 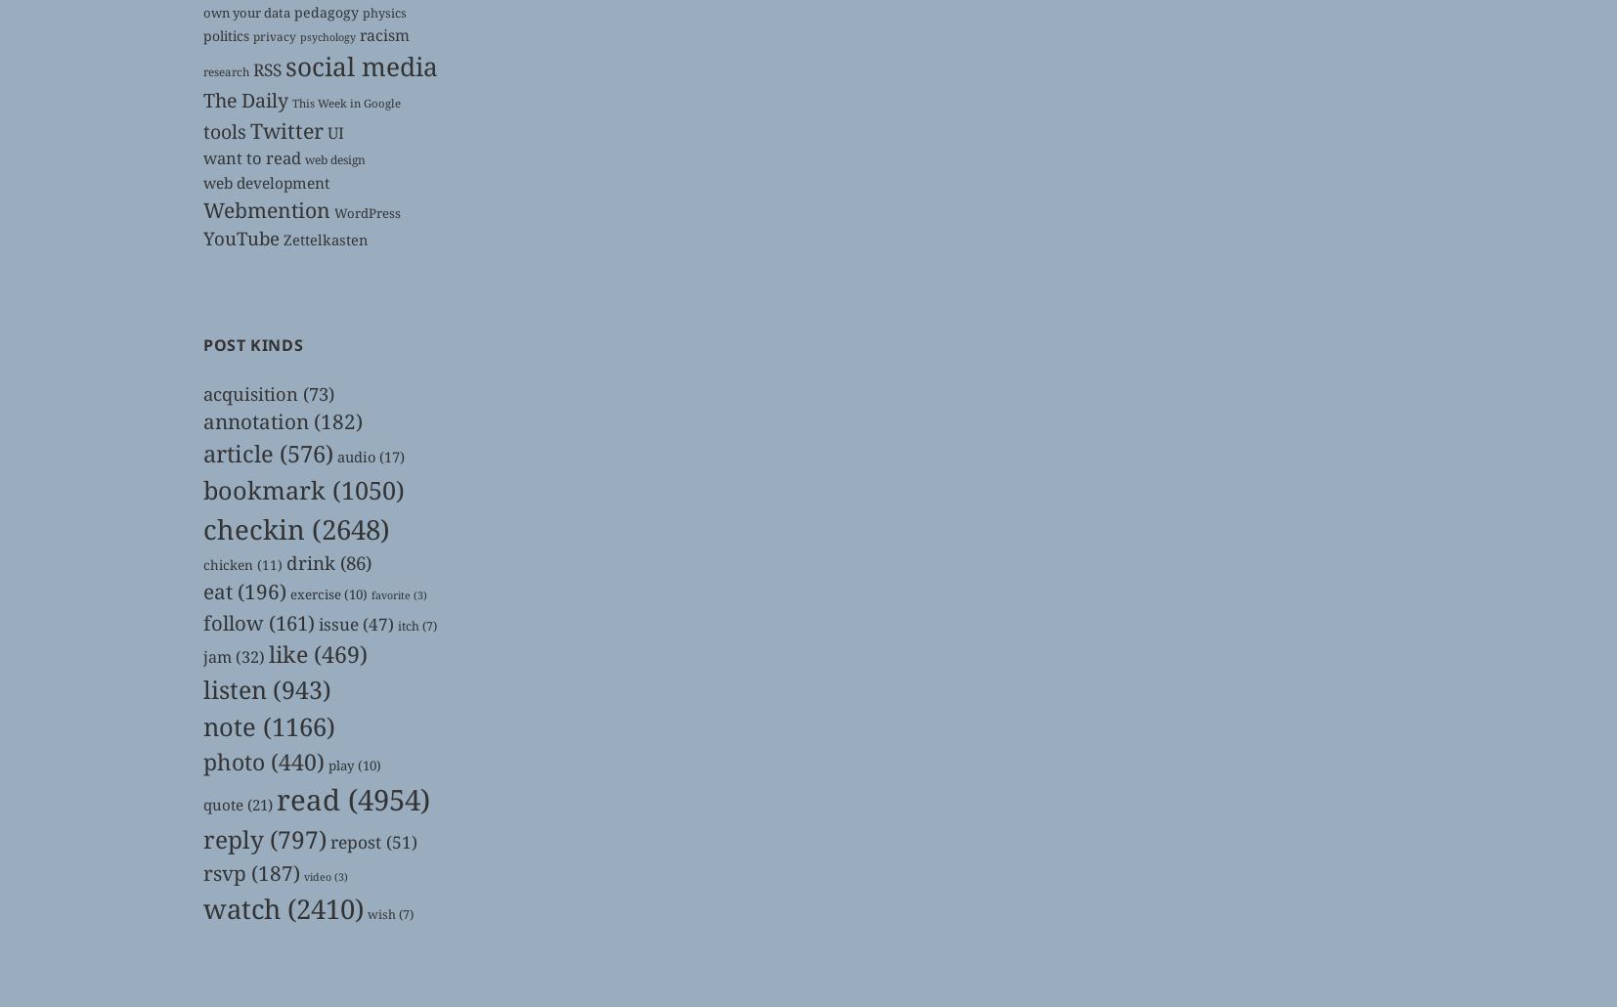 What do you see at coordinates (334, 157) in the screenshot?
I see `'web design'` at bounding box center [334, 157].